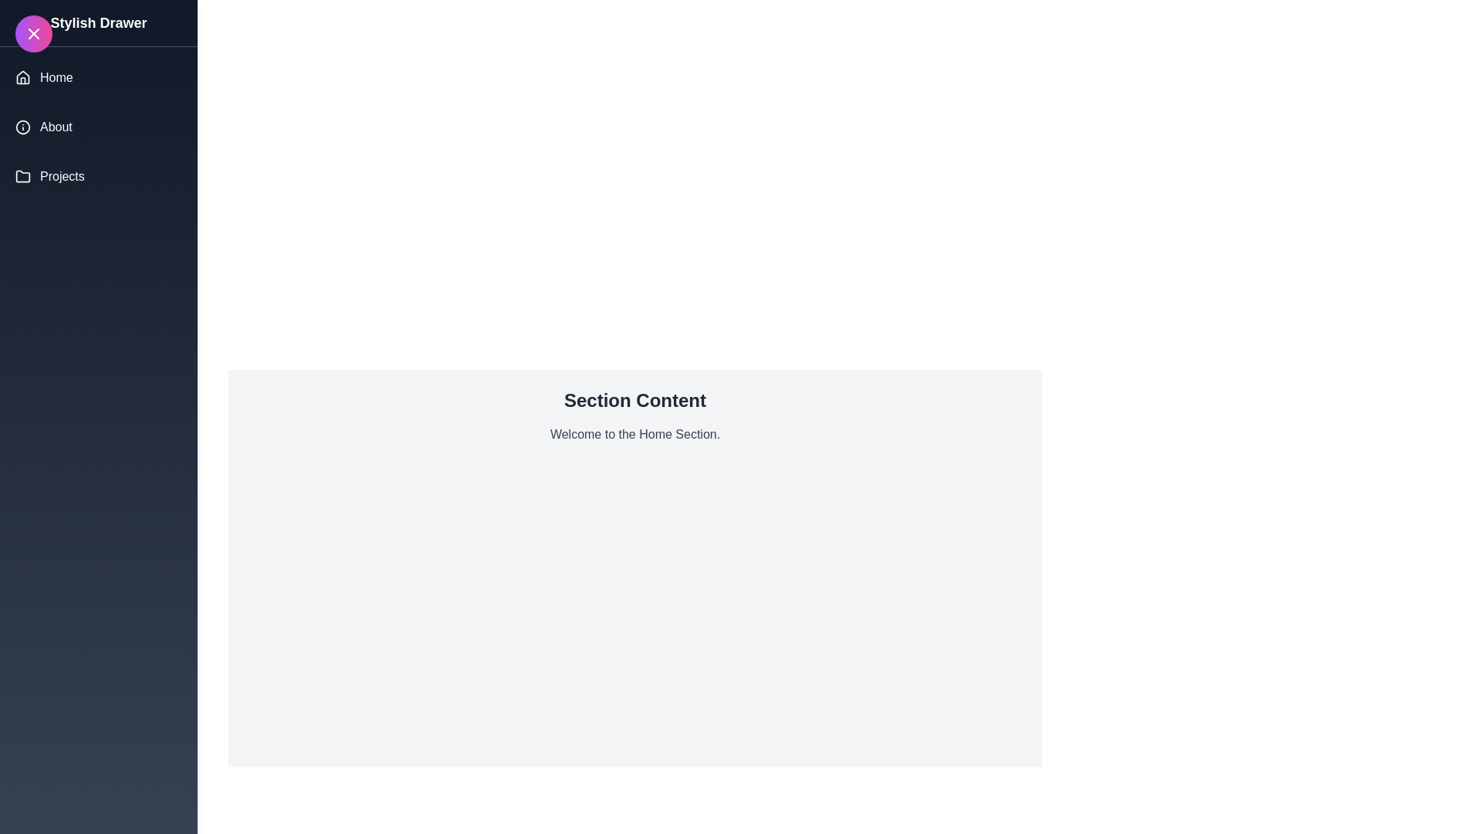 Image resolution: width=1482 pixels, height=834 pixels. What do you see at coordinates (98, 127) in the screenshot?
I see `the drawer menu section About to display its content` at bounding box center [98, 127].